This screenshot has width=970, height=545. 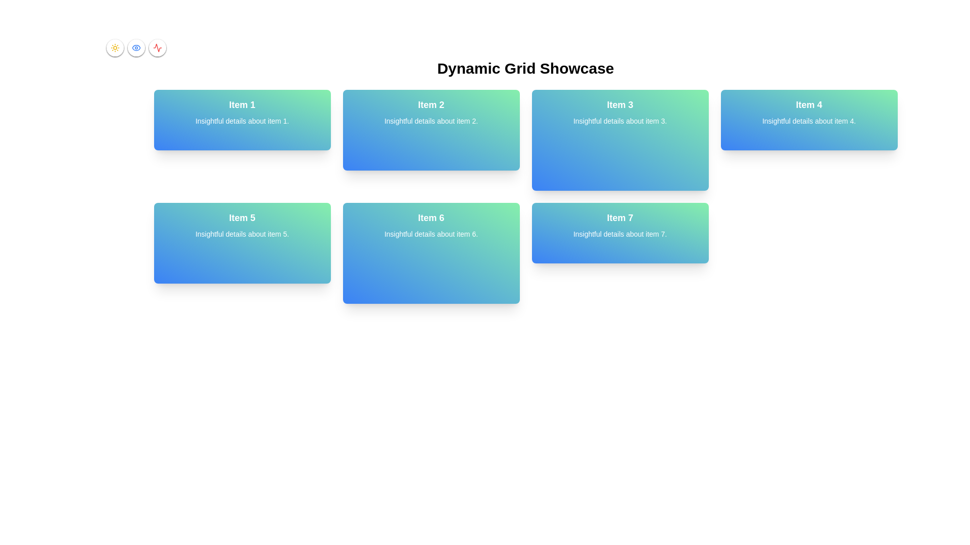 I want to click on the toggle button for brightness in the top-left corner of the layout, which features a yellow sun icon, so click(x=115, y=48).